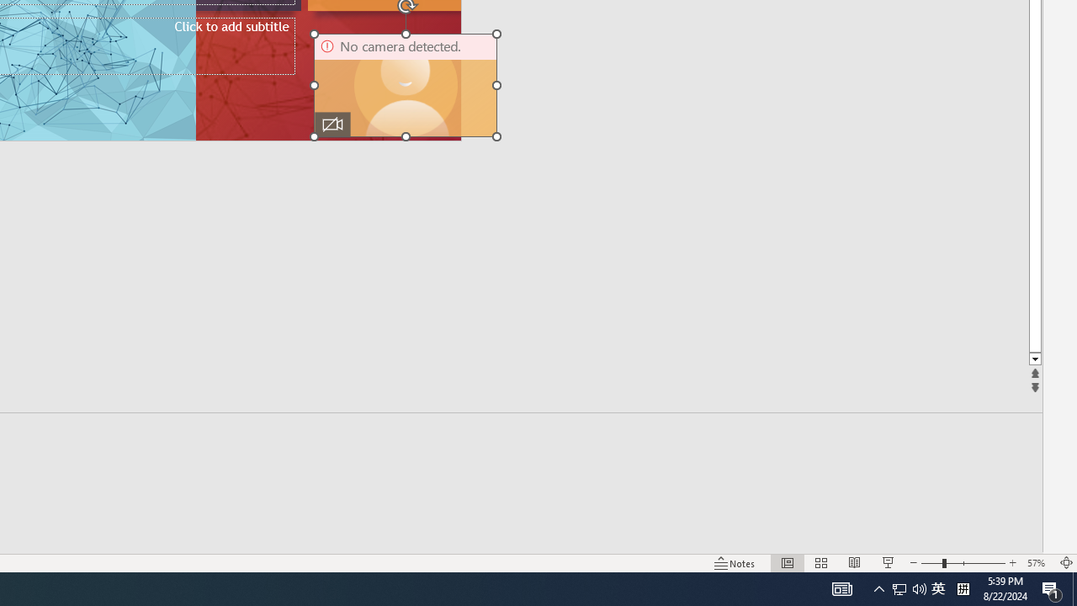  Describe the element at coordinates (1037, 563) in the screenshot. I see `'Zoom 57%'` at that location.